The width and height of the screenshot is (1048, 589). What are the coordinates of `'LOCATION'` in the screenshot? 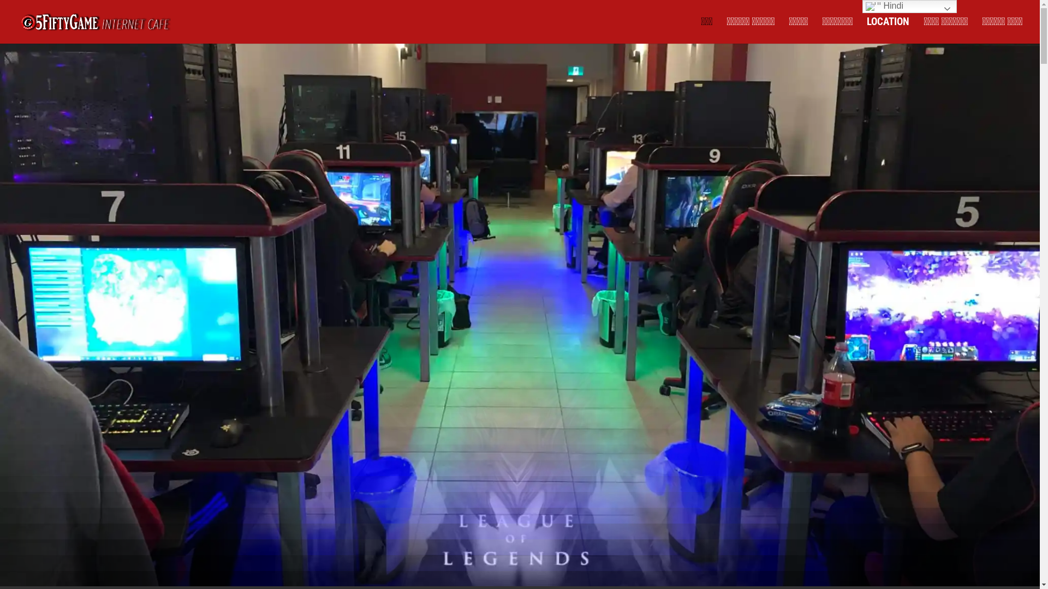 It's located at (866, 30).